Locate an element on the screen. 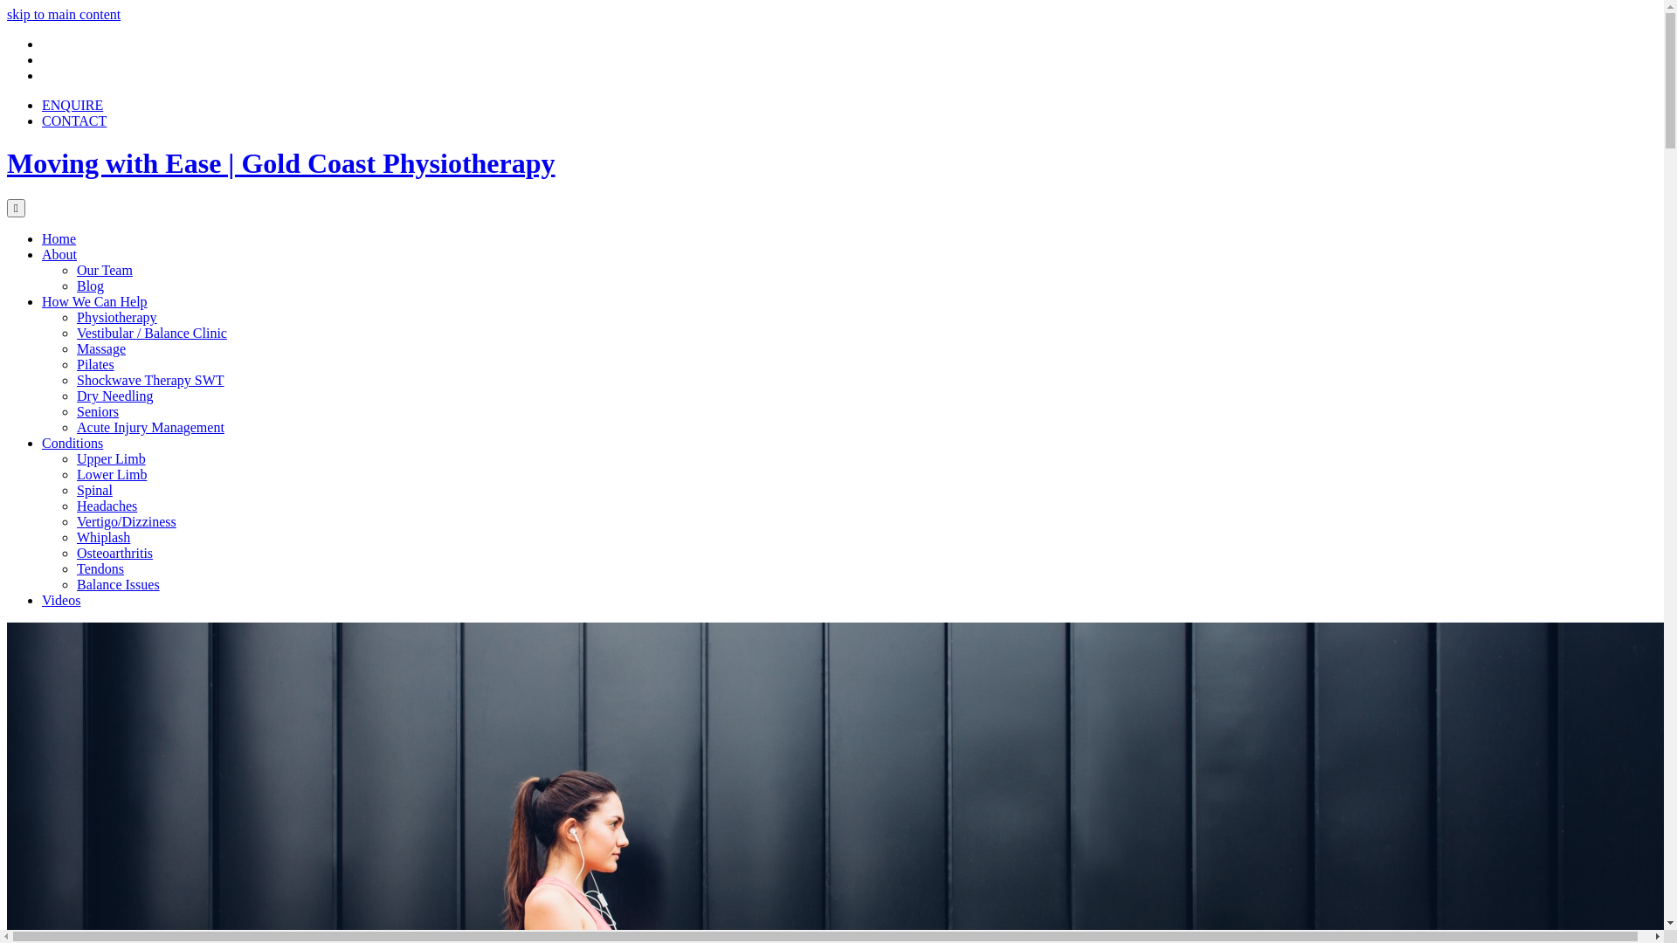 Image resolution: width=1677 pixels, height=943 pixels. 'CONTACT' is located at coordinates (73, 120).